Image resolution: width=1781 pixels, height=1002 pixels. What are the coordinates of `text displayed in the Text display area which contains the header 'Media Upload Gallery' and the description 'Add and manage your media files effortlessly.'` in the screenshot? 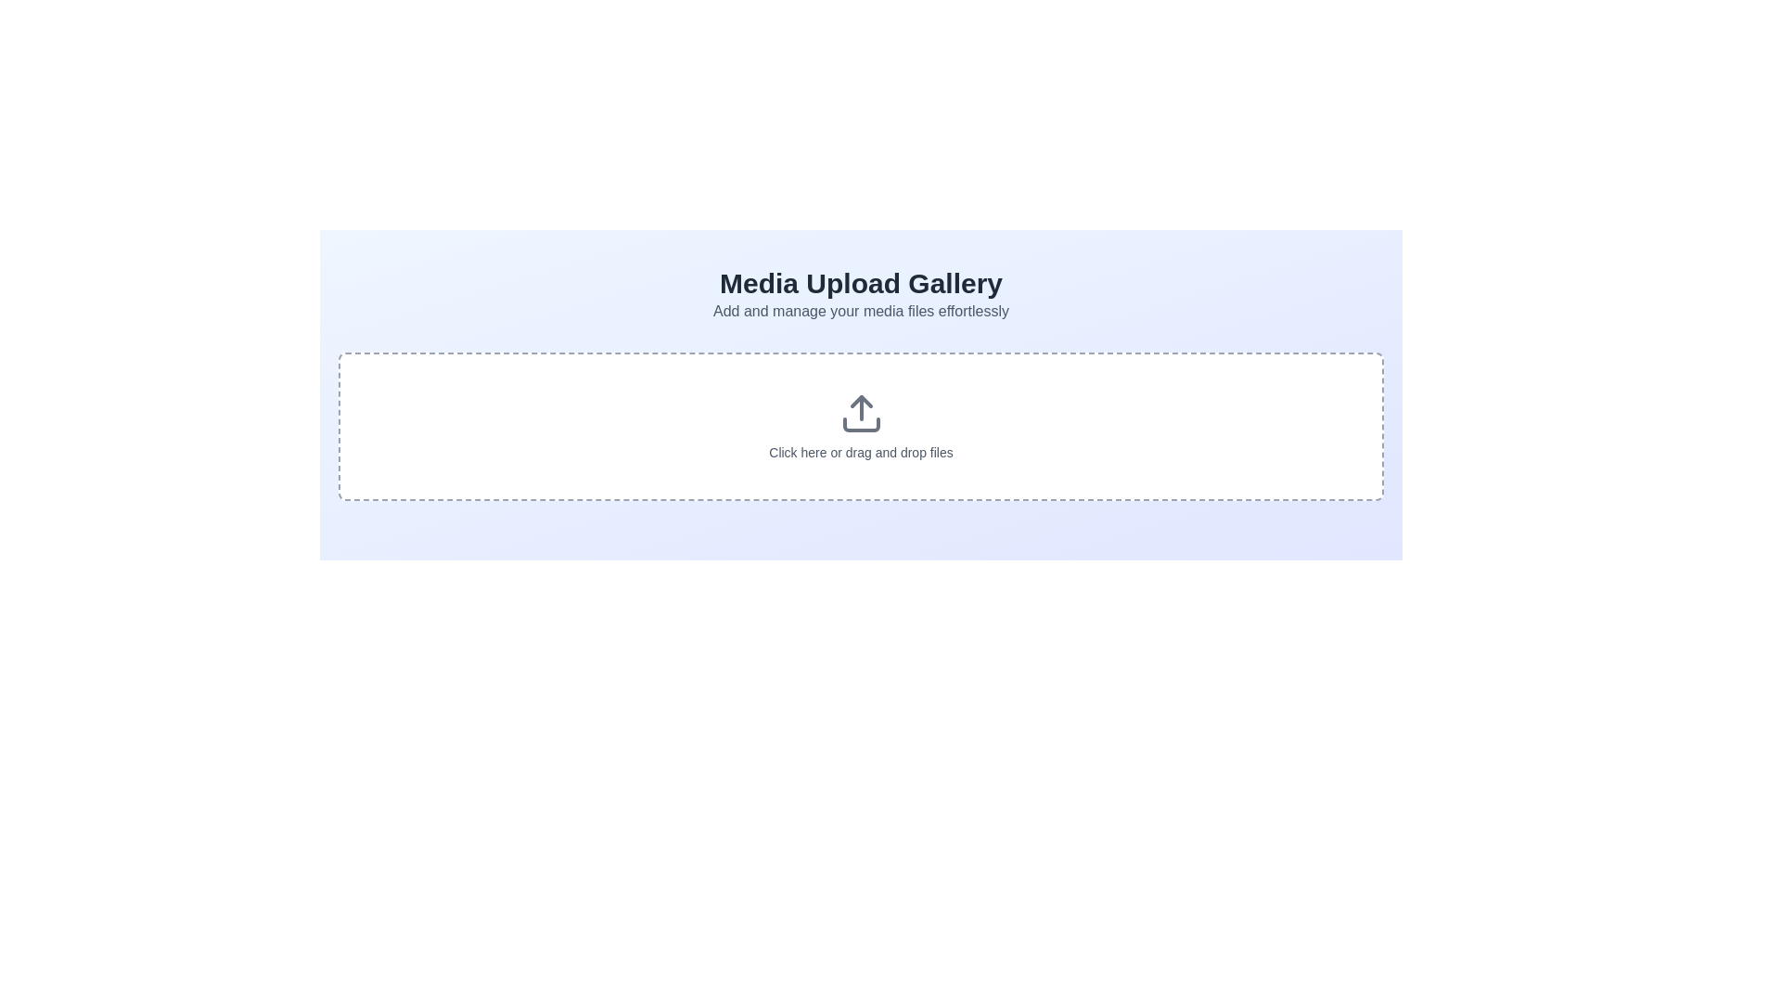 It's located at (860, 293).